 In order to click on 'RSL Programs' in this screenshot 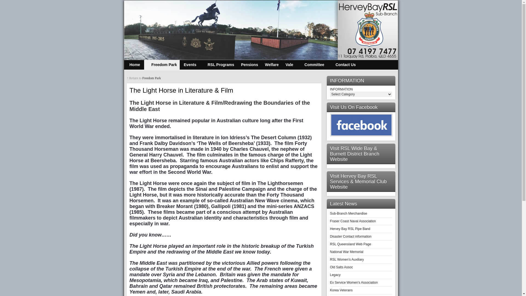, I will do `click(218, 64)`.